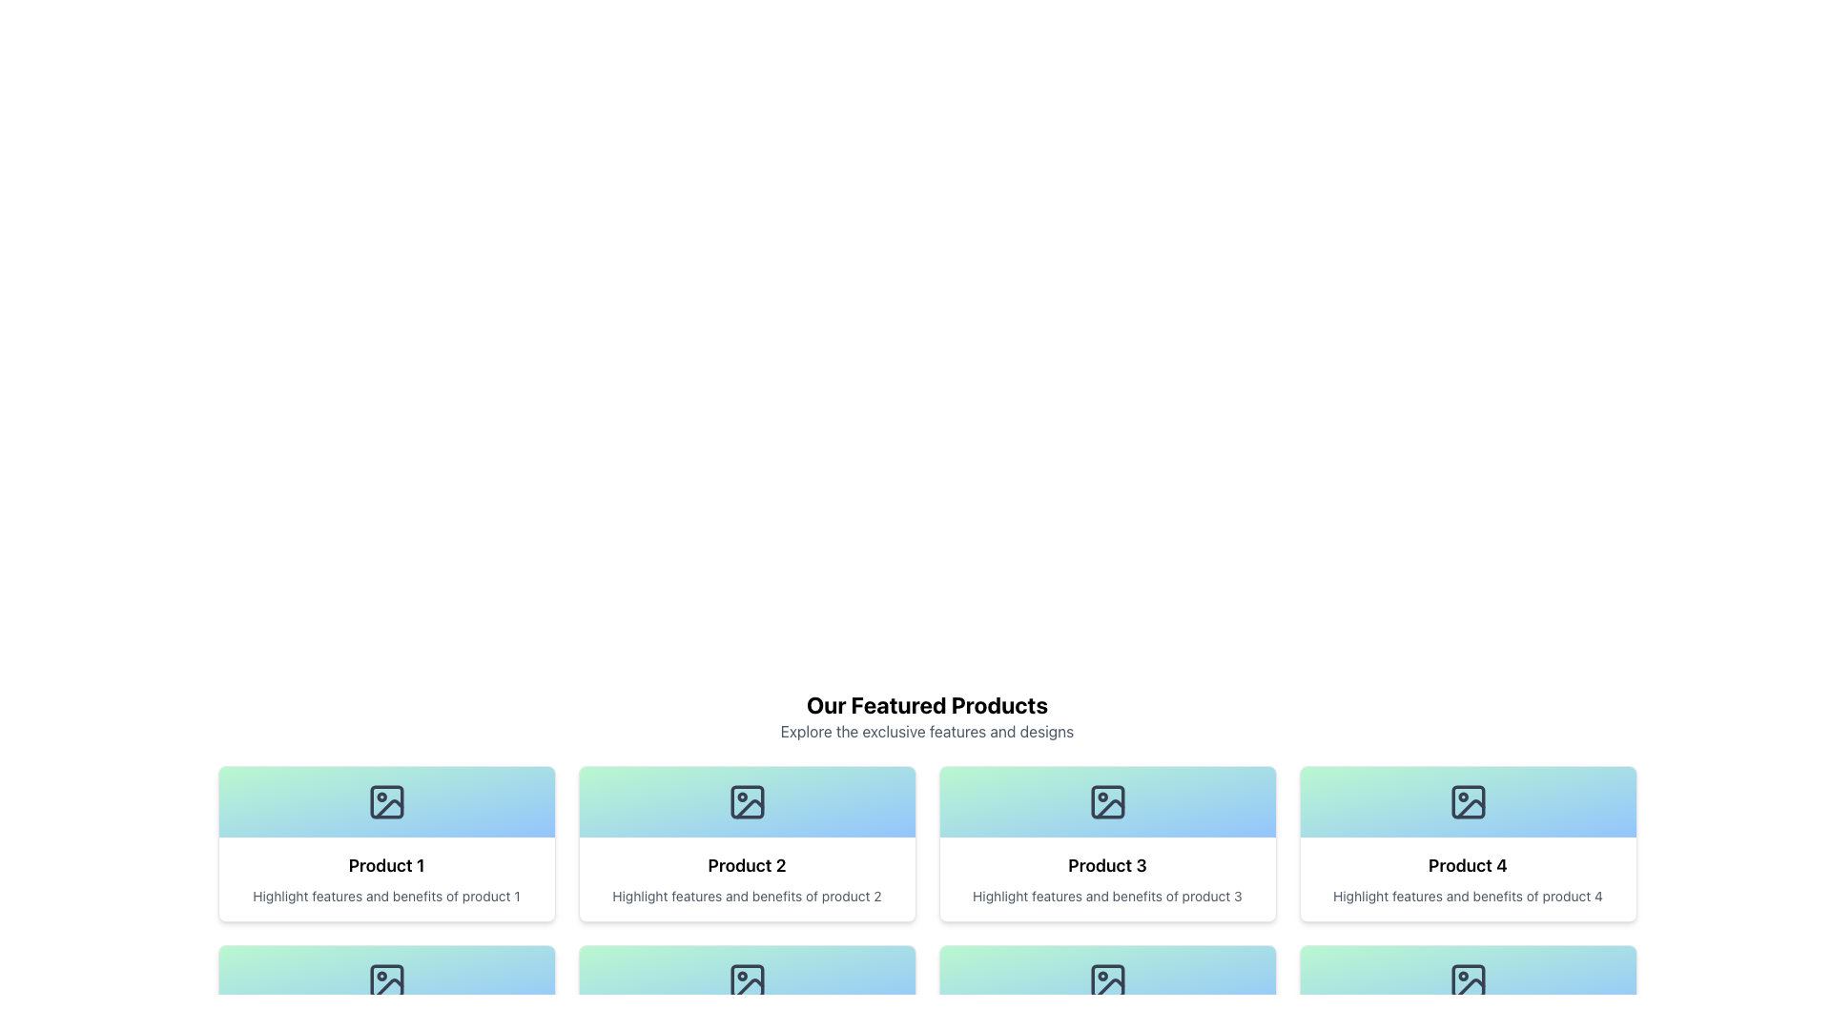 The height and width of the screenshot is (1029, 1831). What do you see at coordinates (1107, 878) in the screenshot?
I see `the text block titled 'Product 3' which features a subtitle about its benefits, located in the third card of the top row` at bounding box center [1107, 878].